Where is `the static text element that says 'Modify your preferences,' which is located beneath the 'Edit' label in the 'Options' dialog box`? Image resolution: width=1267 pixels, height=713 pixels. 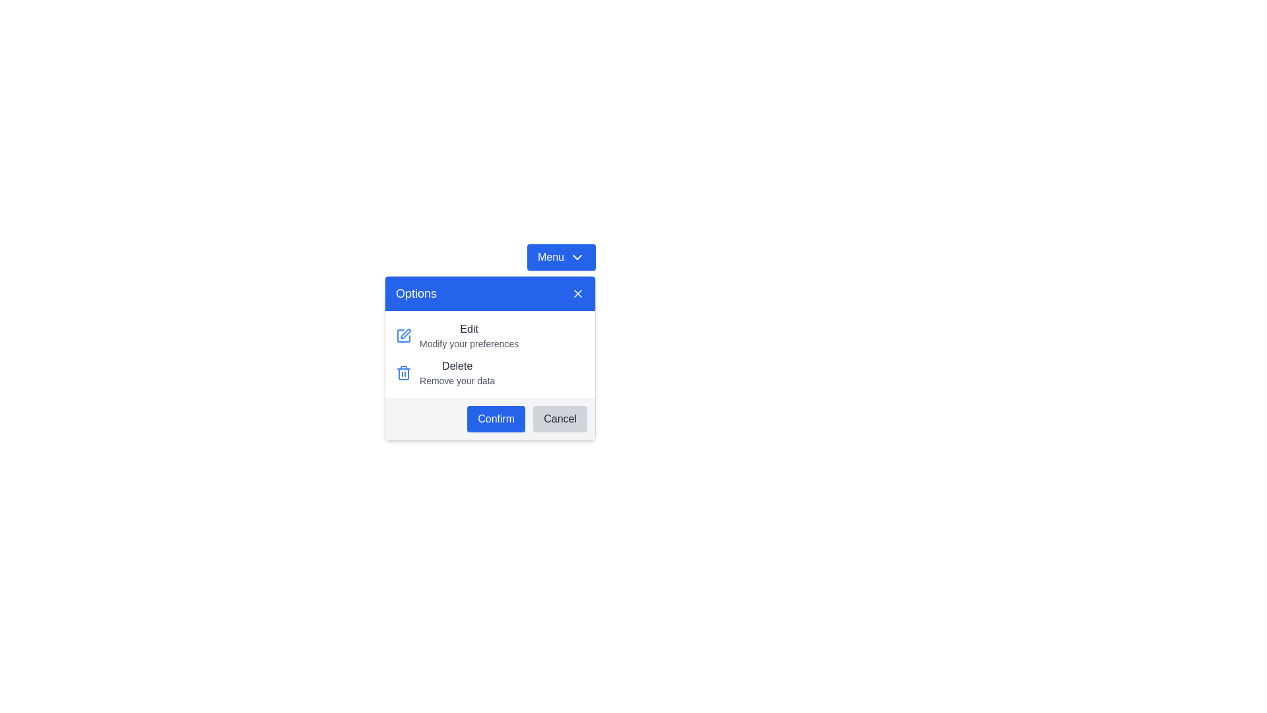
the static text element that says 'Modify your preferences,' which is located beneath the 'Edit' label in the 'Options' dialog box is located at coordinates (469, 343).